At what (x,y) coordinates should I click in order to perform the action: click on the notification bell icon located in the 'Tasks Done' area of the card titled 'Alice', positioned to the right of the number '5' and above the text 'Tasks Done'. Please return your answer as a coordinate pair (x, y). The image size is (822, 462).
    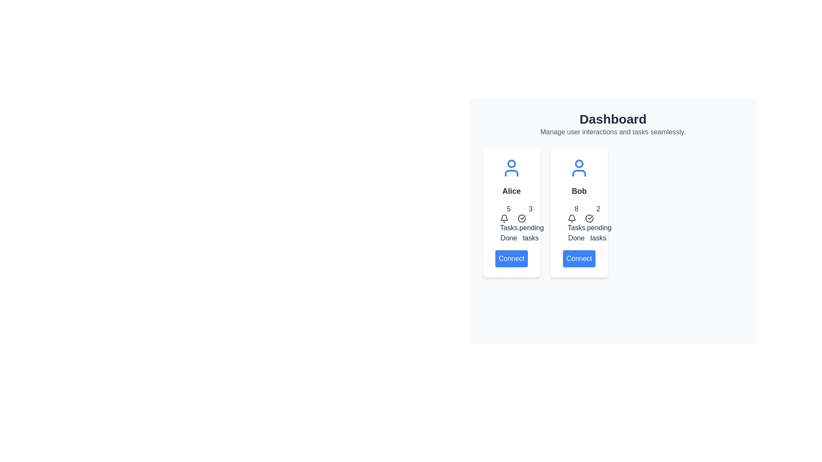
    Looking at the image, I should click on (504, 218).